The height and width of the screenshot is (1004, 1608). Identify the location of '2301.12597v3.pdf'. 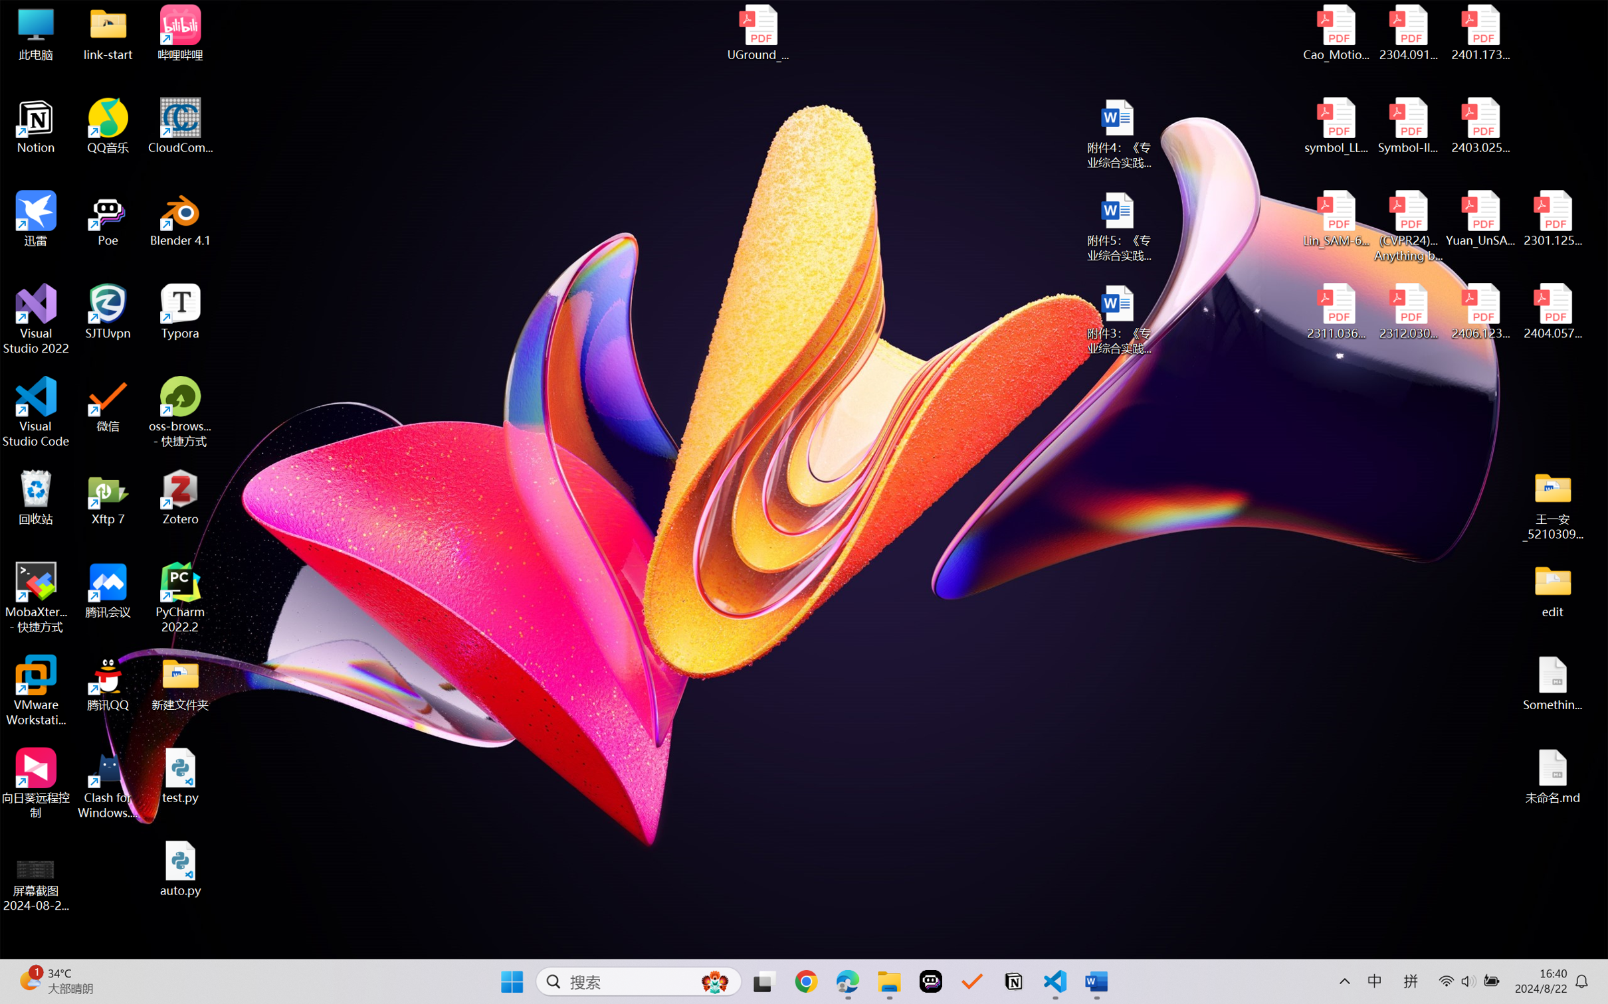
(1552, 218).